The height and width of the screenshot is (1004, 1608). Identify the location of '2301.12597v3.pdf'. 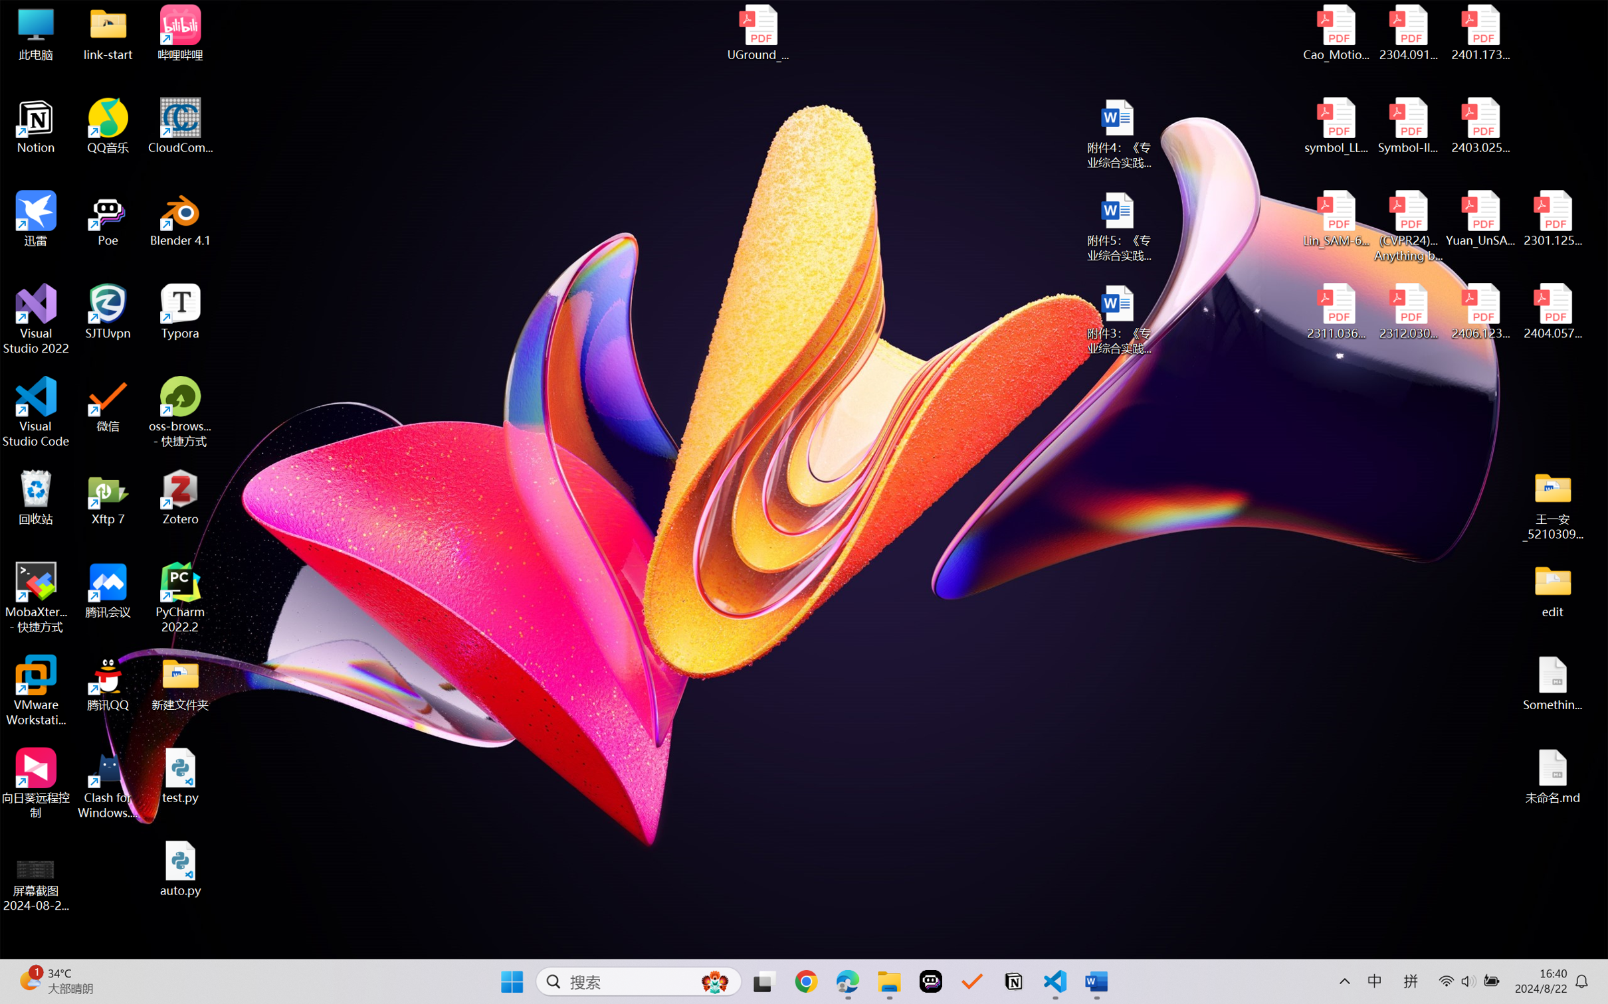
(1552, 218).